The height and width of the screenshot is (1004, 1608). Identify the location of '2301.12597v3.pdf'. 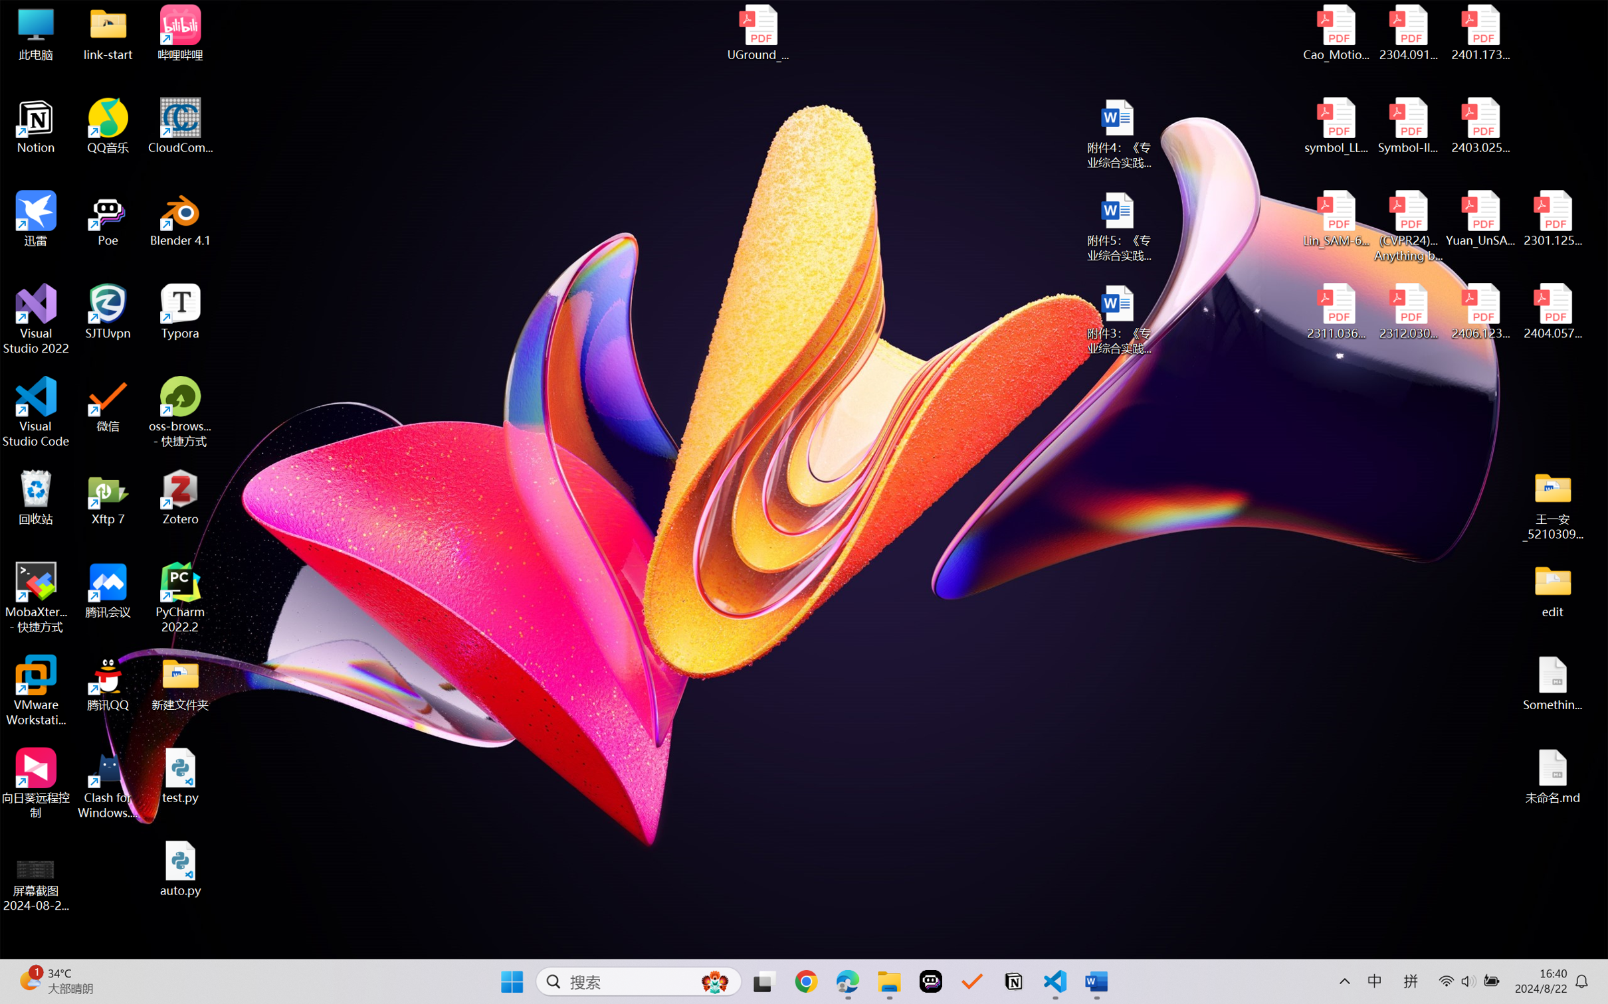
(1552, 218).